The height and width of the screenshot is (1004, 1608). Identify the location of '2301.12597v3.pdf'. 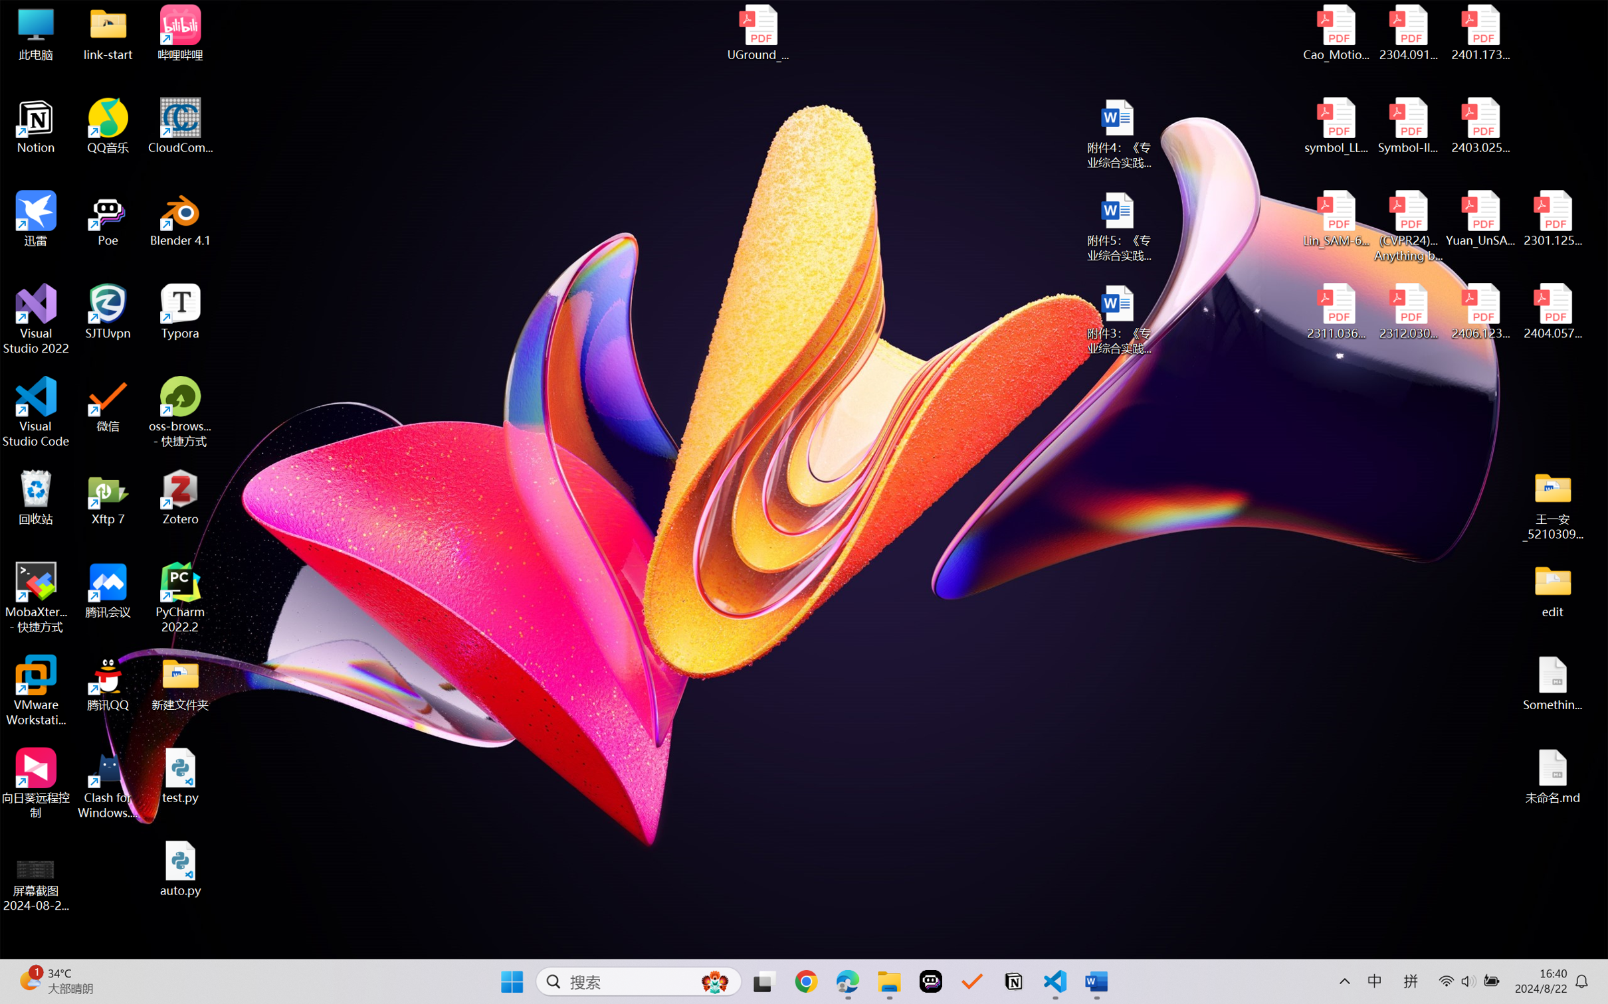
(1552, 218).